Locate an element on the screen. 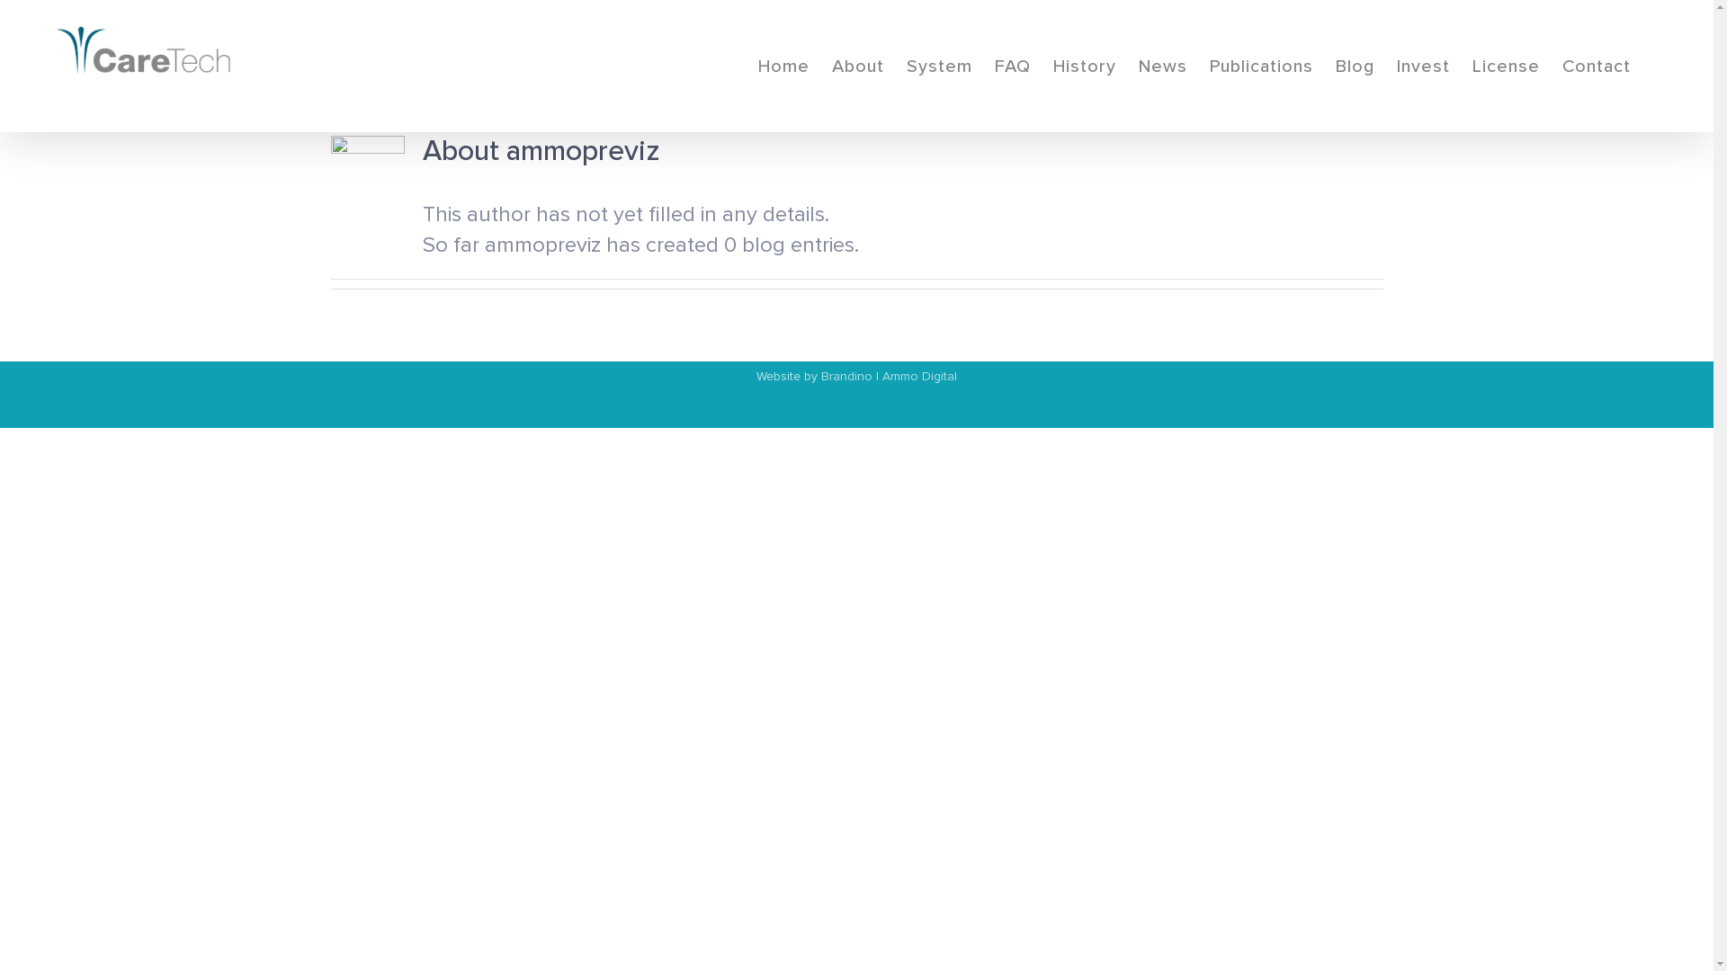 The height and width of the screenshot is (971, 1727). 'Blog' is located at coordinates (1335, 65).